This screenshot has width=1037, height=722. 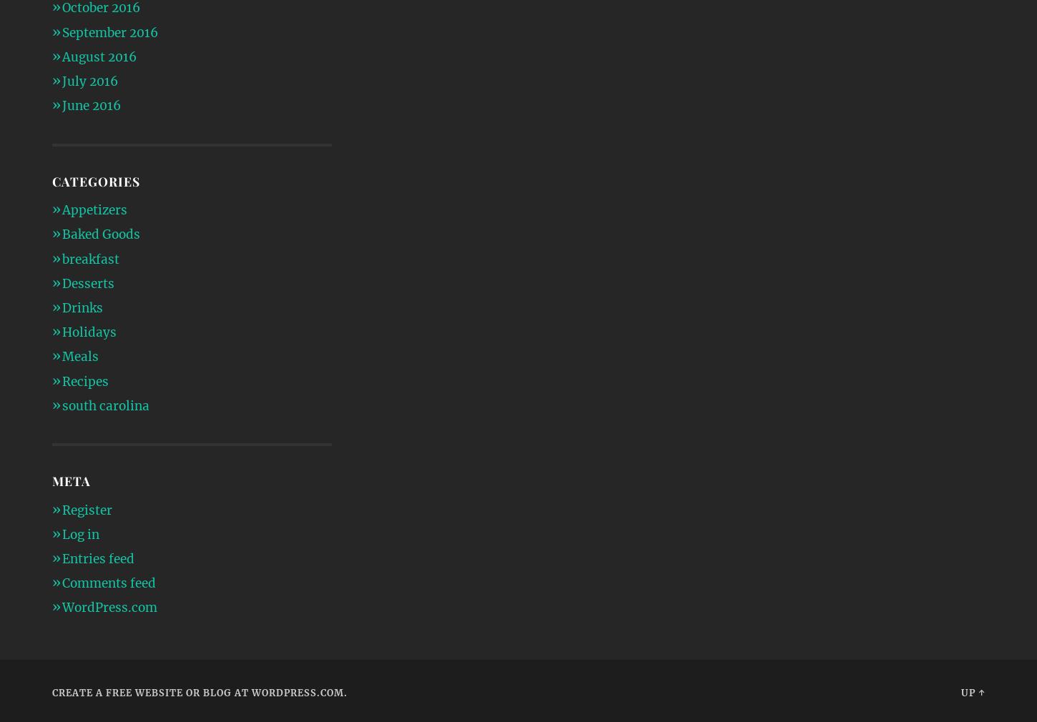 I want to click on 'Comments feed', so click(x=107, y=583).